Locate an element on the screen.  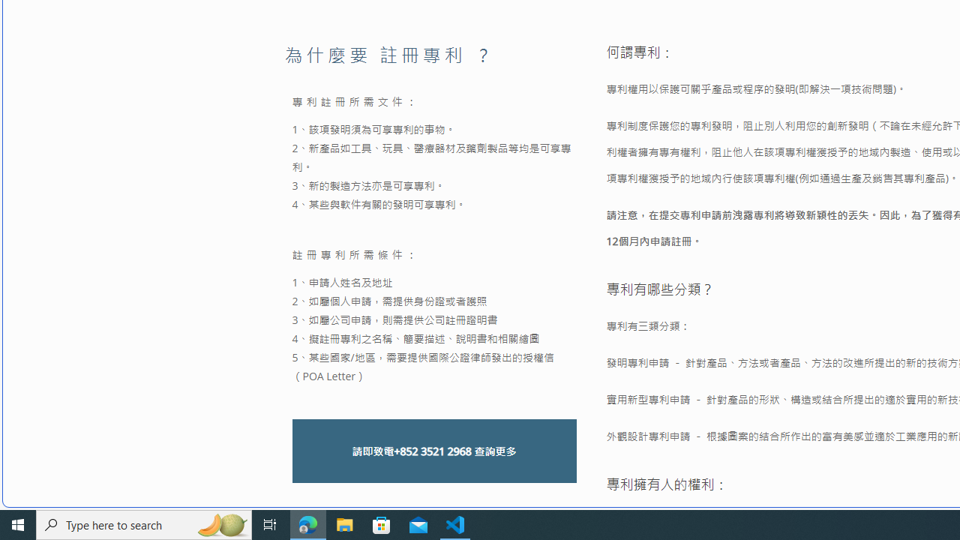
'+852 3521 2968' is located at coordinates (431, 450).